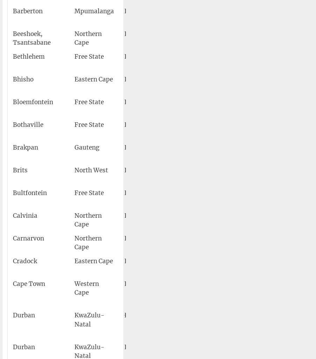  What do you see at coordinates (243, 288) in the screenshot?
I see `'33°58′05″S 018°36′17″E'` at bounding box center [243, 288].